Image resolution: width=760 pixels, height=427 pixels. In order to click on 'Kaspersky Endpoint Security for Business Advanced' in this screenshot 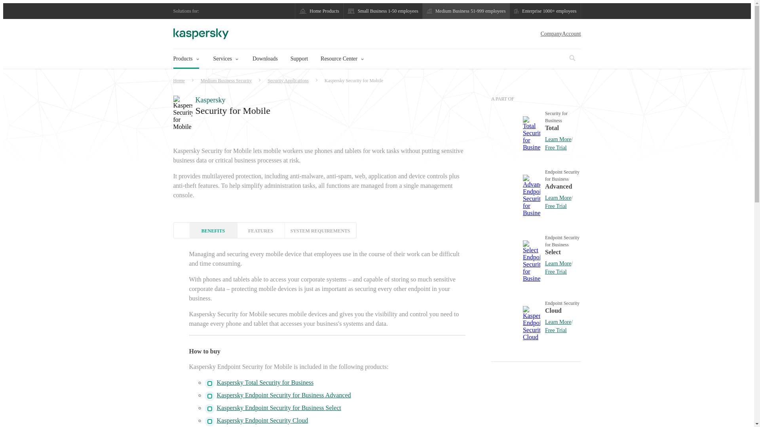, I will do `click(284, 395)`.